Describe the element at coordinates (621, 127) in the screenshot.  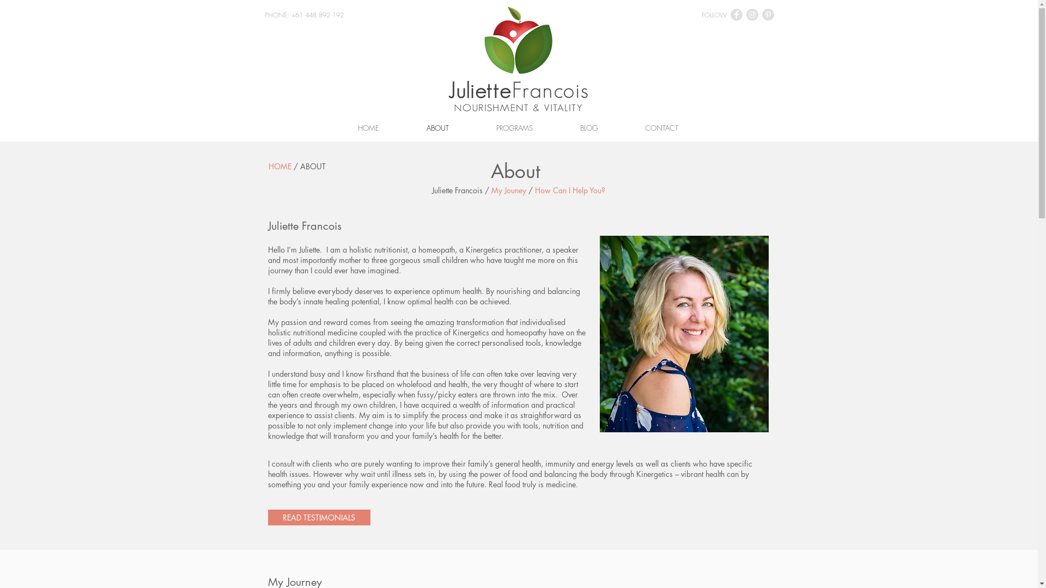
I see `'CONTACT'` at that location.